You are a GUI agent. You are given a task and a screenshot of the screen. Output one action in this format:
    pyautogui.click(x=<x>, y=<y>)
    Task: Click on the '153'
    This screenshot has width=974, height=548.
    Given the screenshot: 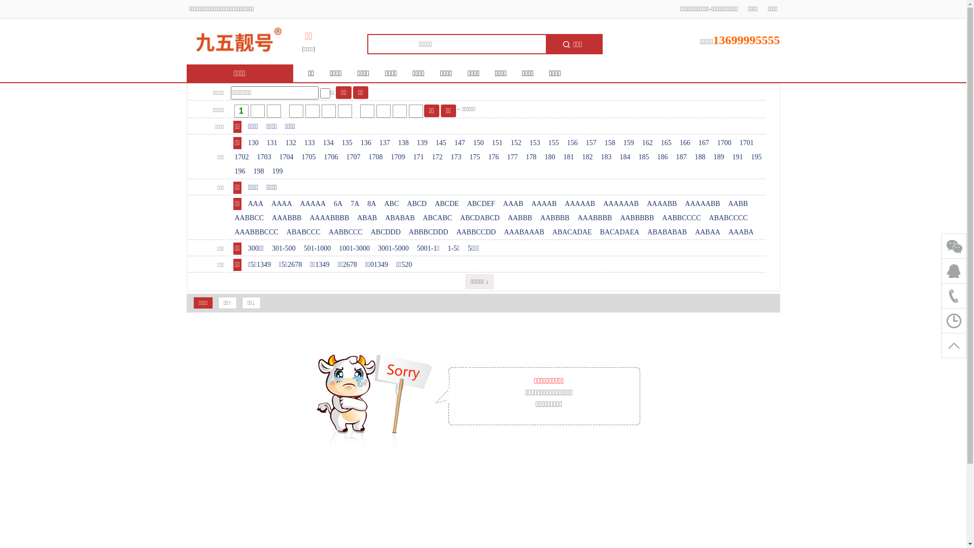 What is the action you would take?
    pyautogui.click(x=528, y=143)
    